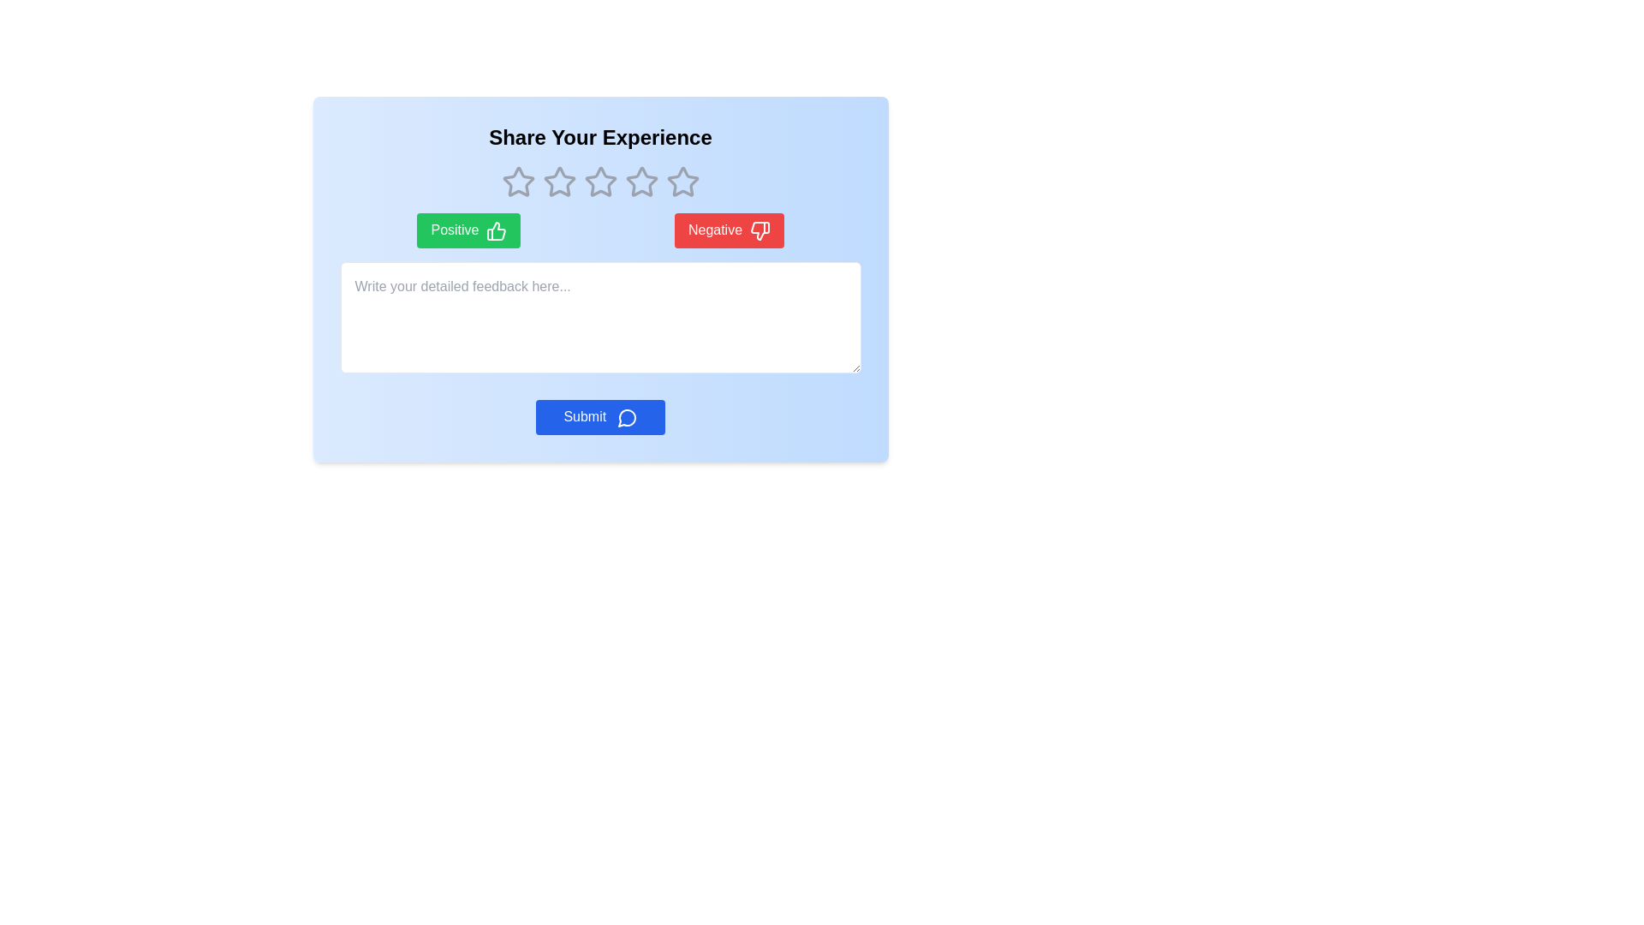  What do you see at coordinates (600, 182) in the screenshot?
I see `one of the stars in the Rating component, which consists of five hollow star icons arranged horizontally below the title 'Share Your Experience.'` at bounding box center [600, 182].